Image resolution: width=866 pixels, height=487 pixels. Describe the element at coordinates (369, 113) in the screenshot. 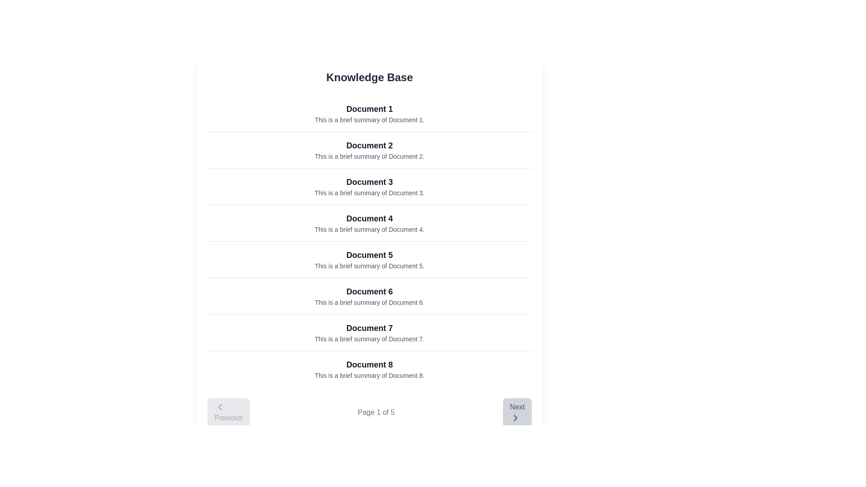

I see `the list item titled 'Document 1'` at that location.